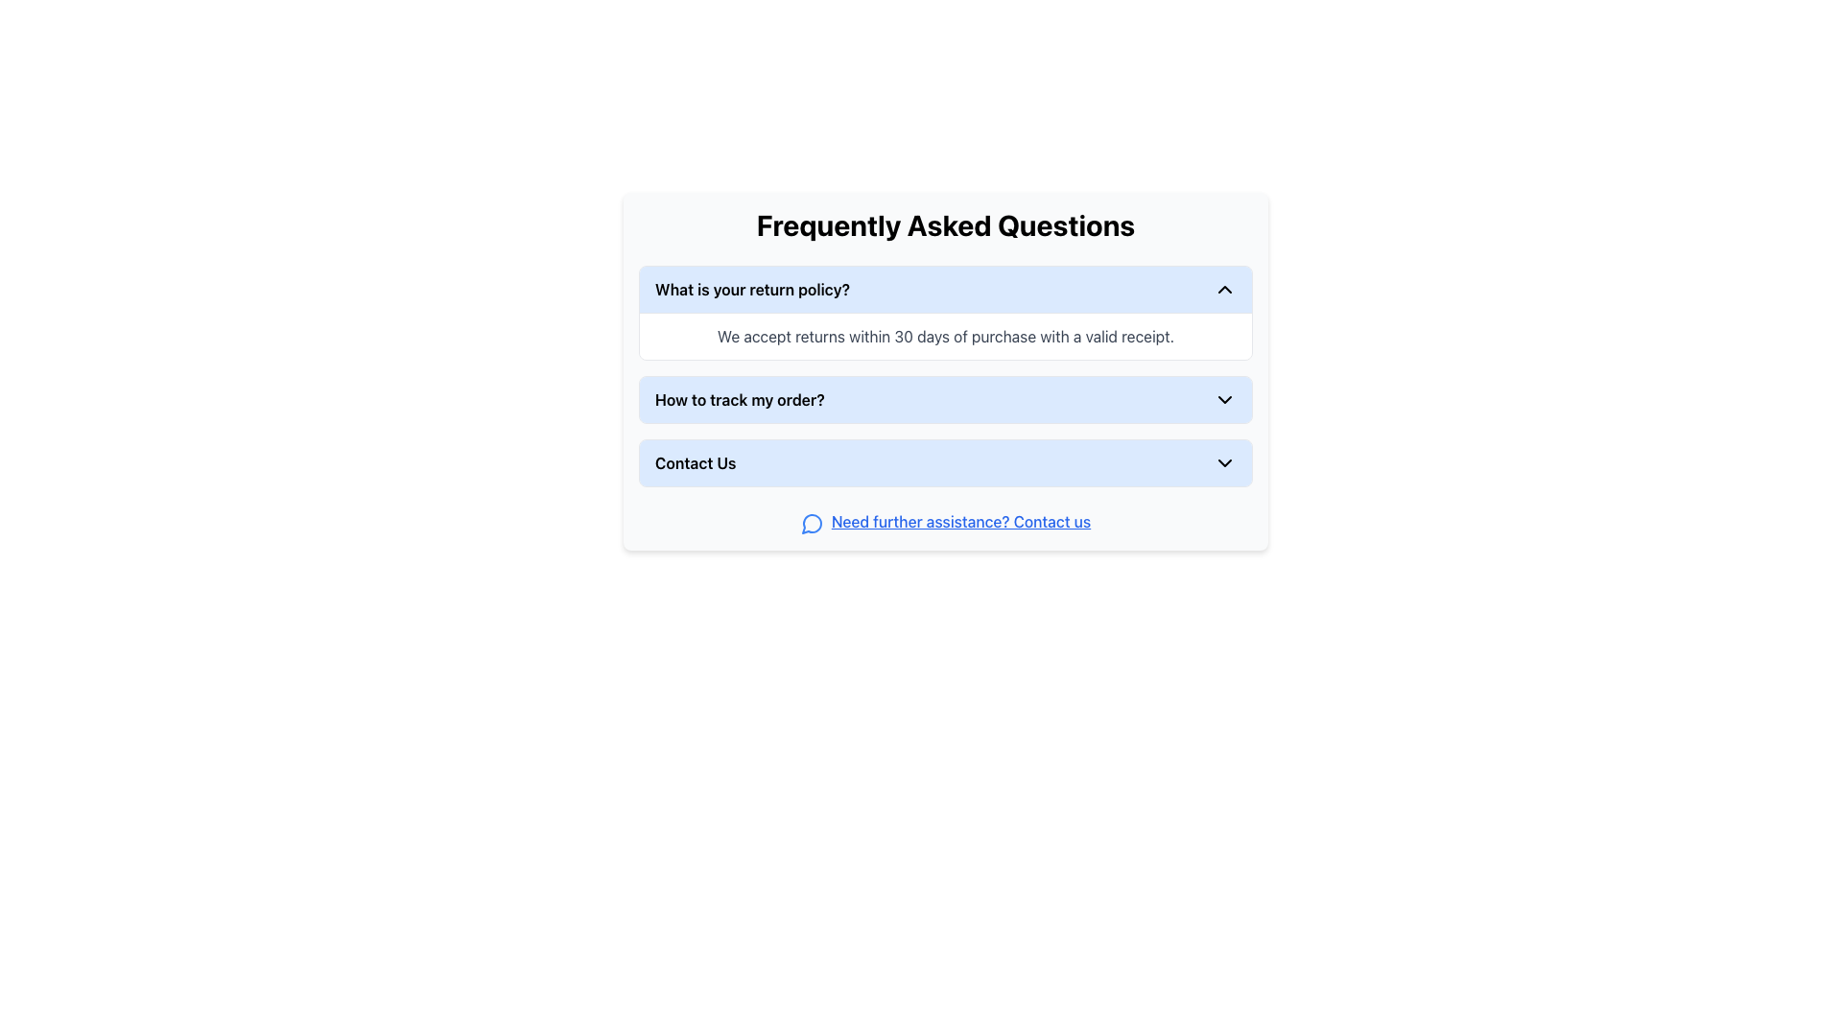 This screenshot has width=1842, height=1036. Describe the element at coordinates (945, 289) in the screenshot. I see `the first question item in the 'Frequently Asked Questions' section` at that location.